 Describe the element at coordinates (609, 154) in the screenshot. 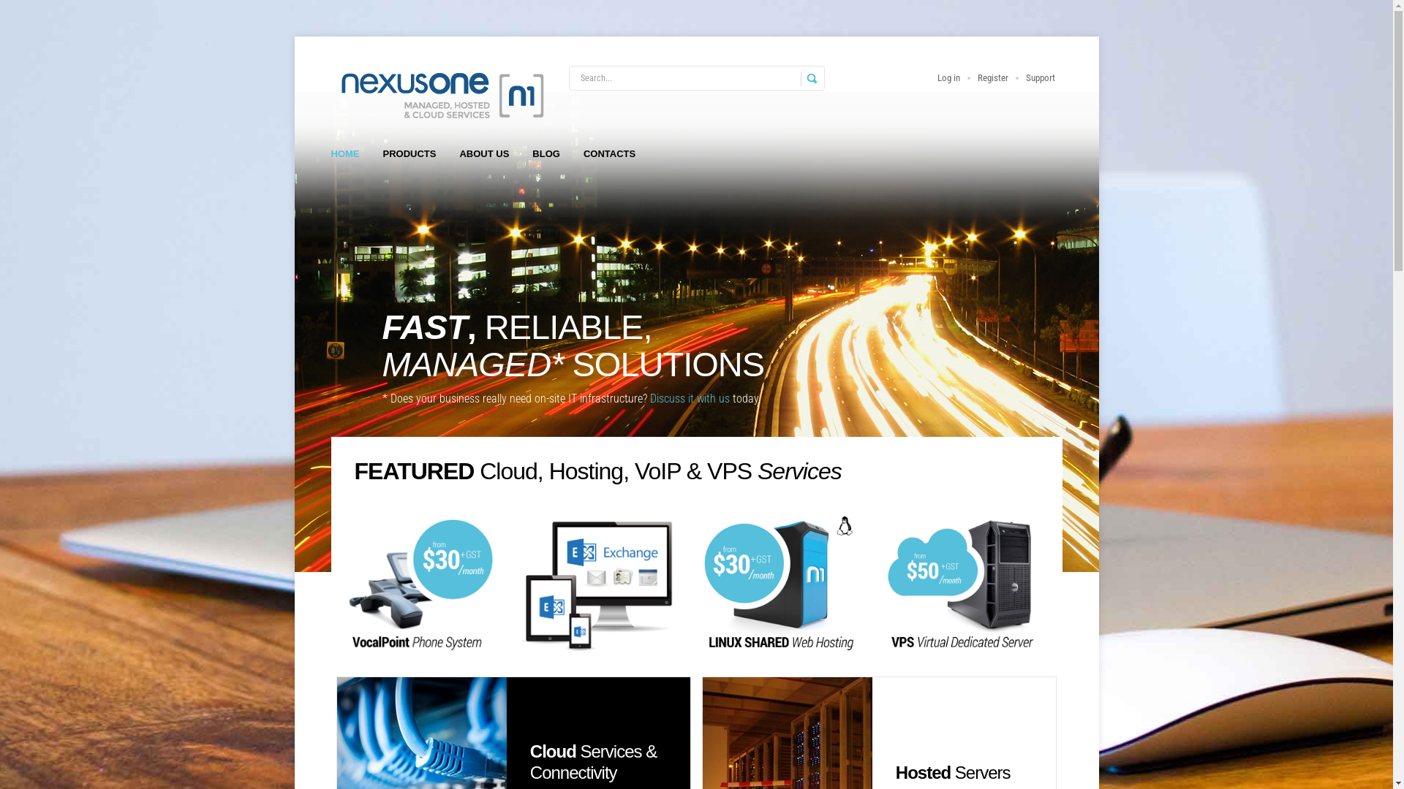

I see `'CONTACTS'` at that location.